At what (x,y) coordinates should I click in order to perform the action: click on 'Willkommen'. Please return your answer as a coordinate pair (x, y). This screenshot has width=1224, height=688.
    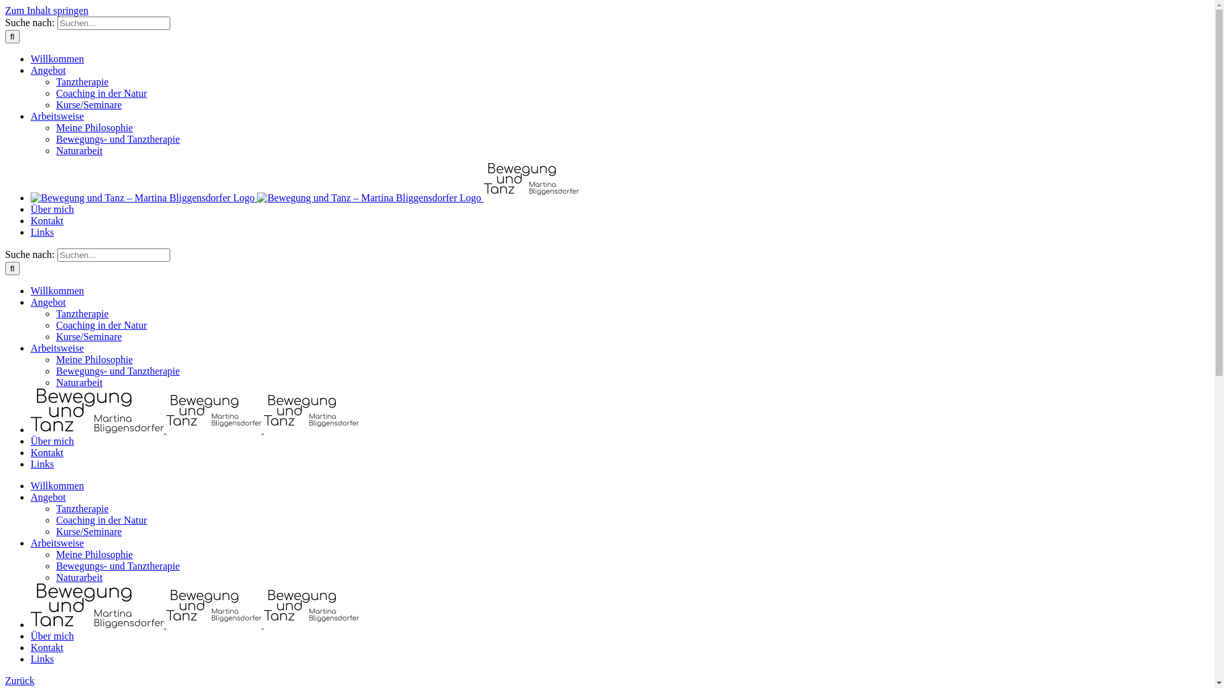
    Looking at the image, I should click on (57, 485).